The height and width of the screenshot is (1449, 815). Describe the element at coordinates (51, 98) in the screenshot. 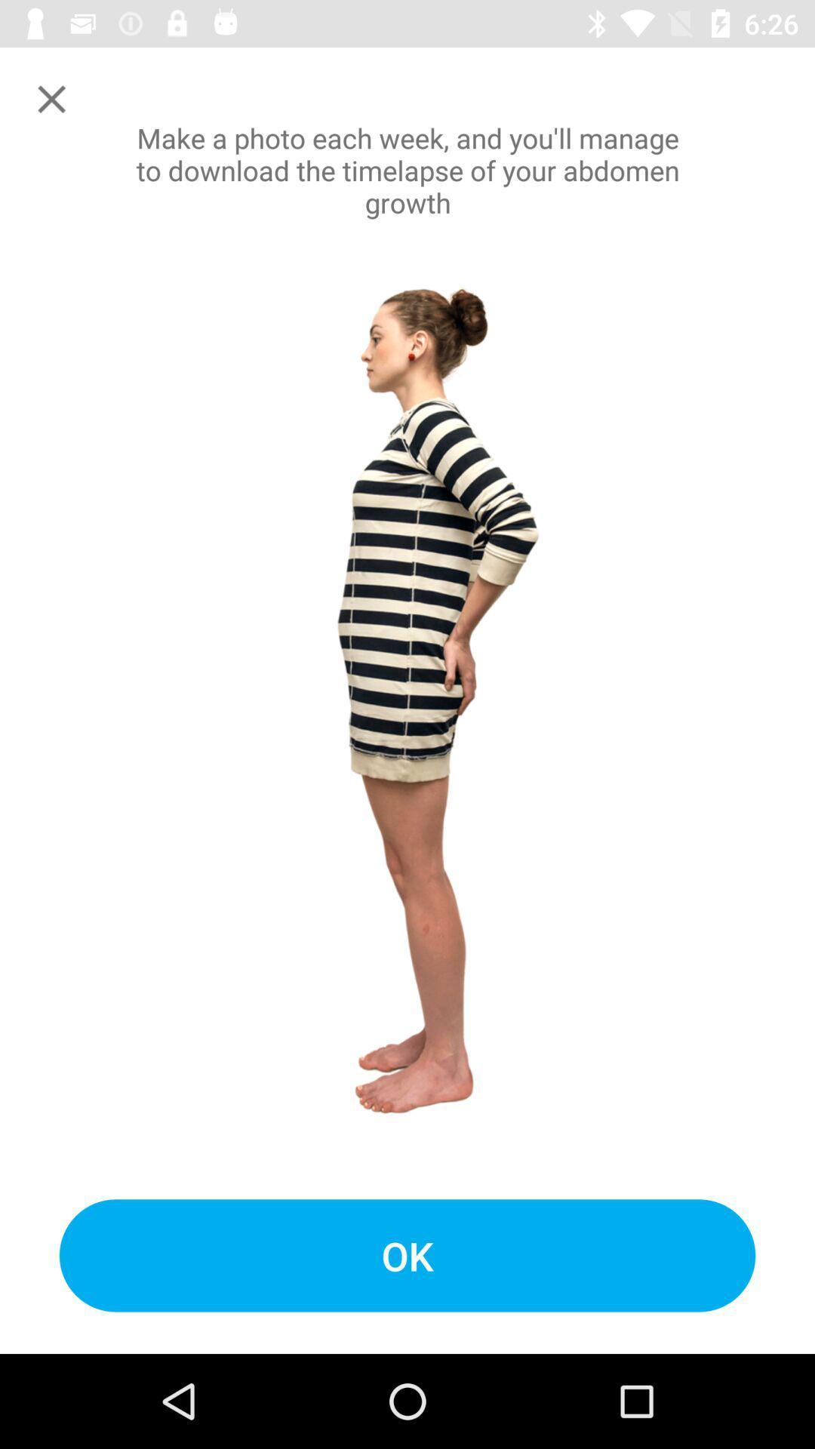

I see `the close icon` at that location.